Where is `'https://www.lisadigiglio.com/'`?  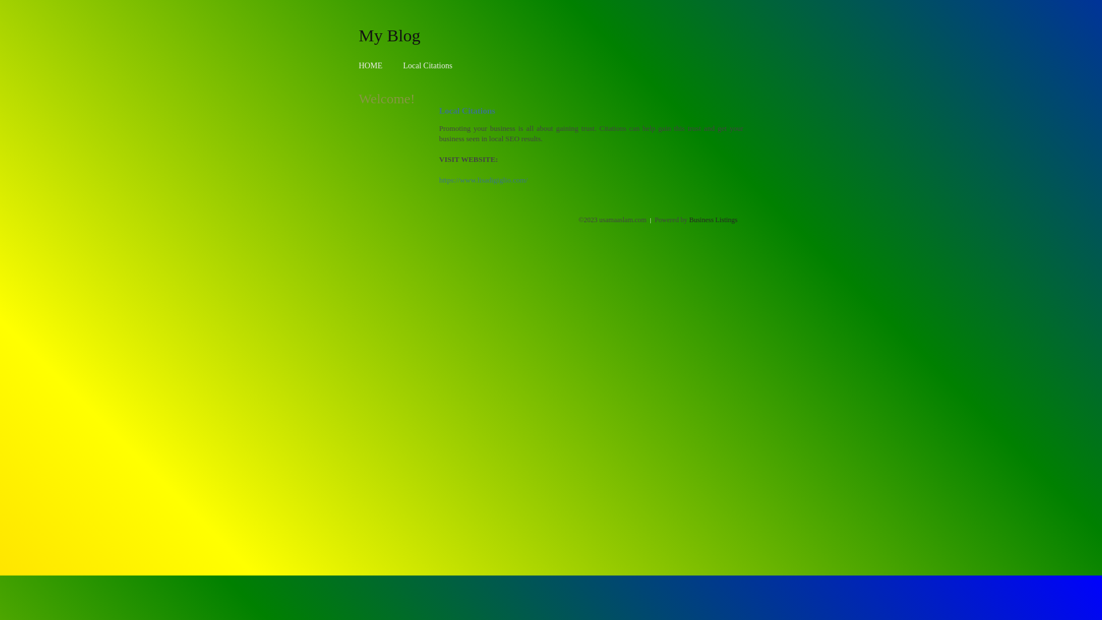 'https://www.lisadigiglio.com/' is located at coordinates (483, 180).